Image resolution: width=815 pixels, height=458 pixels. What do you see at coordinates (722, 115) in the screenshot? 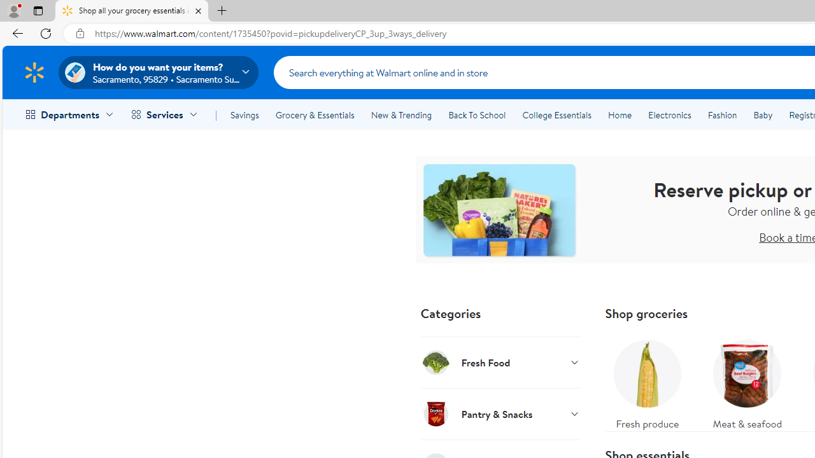
I see `'Fashion'` at bounding box center [722, 115].